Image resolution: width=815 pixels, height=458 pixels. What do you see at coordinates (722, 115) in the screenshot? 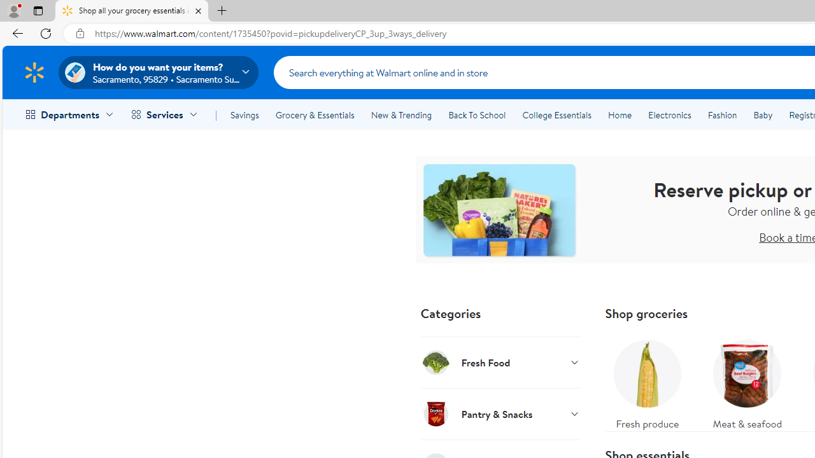
I see `'Fashion'` at bounding box center [722, 115].